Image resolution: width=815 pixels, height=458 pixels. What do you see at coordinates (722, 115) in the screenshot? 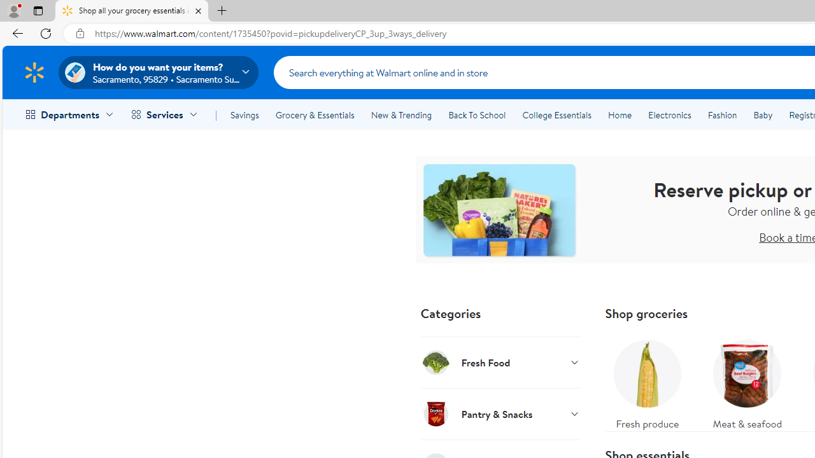
I see `'Fashion'` at bounding box center [722, 115].